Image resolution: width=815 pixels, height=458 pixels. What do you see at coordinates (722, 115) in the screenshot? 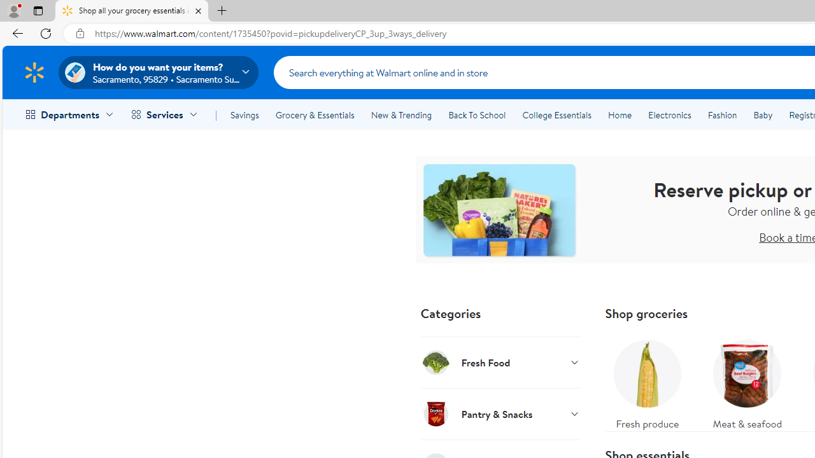
I see `'Fashion'` at bounding box center [722, 115].